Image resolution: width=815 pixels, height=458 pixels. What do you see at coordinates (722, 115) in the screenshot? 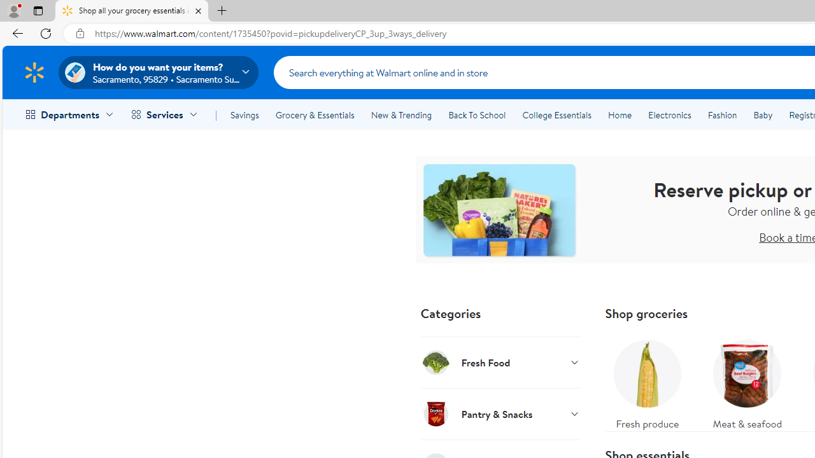
I see `'Fashion'` at bounding box center [722, 115].